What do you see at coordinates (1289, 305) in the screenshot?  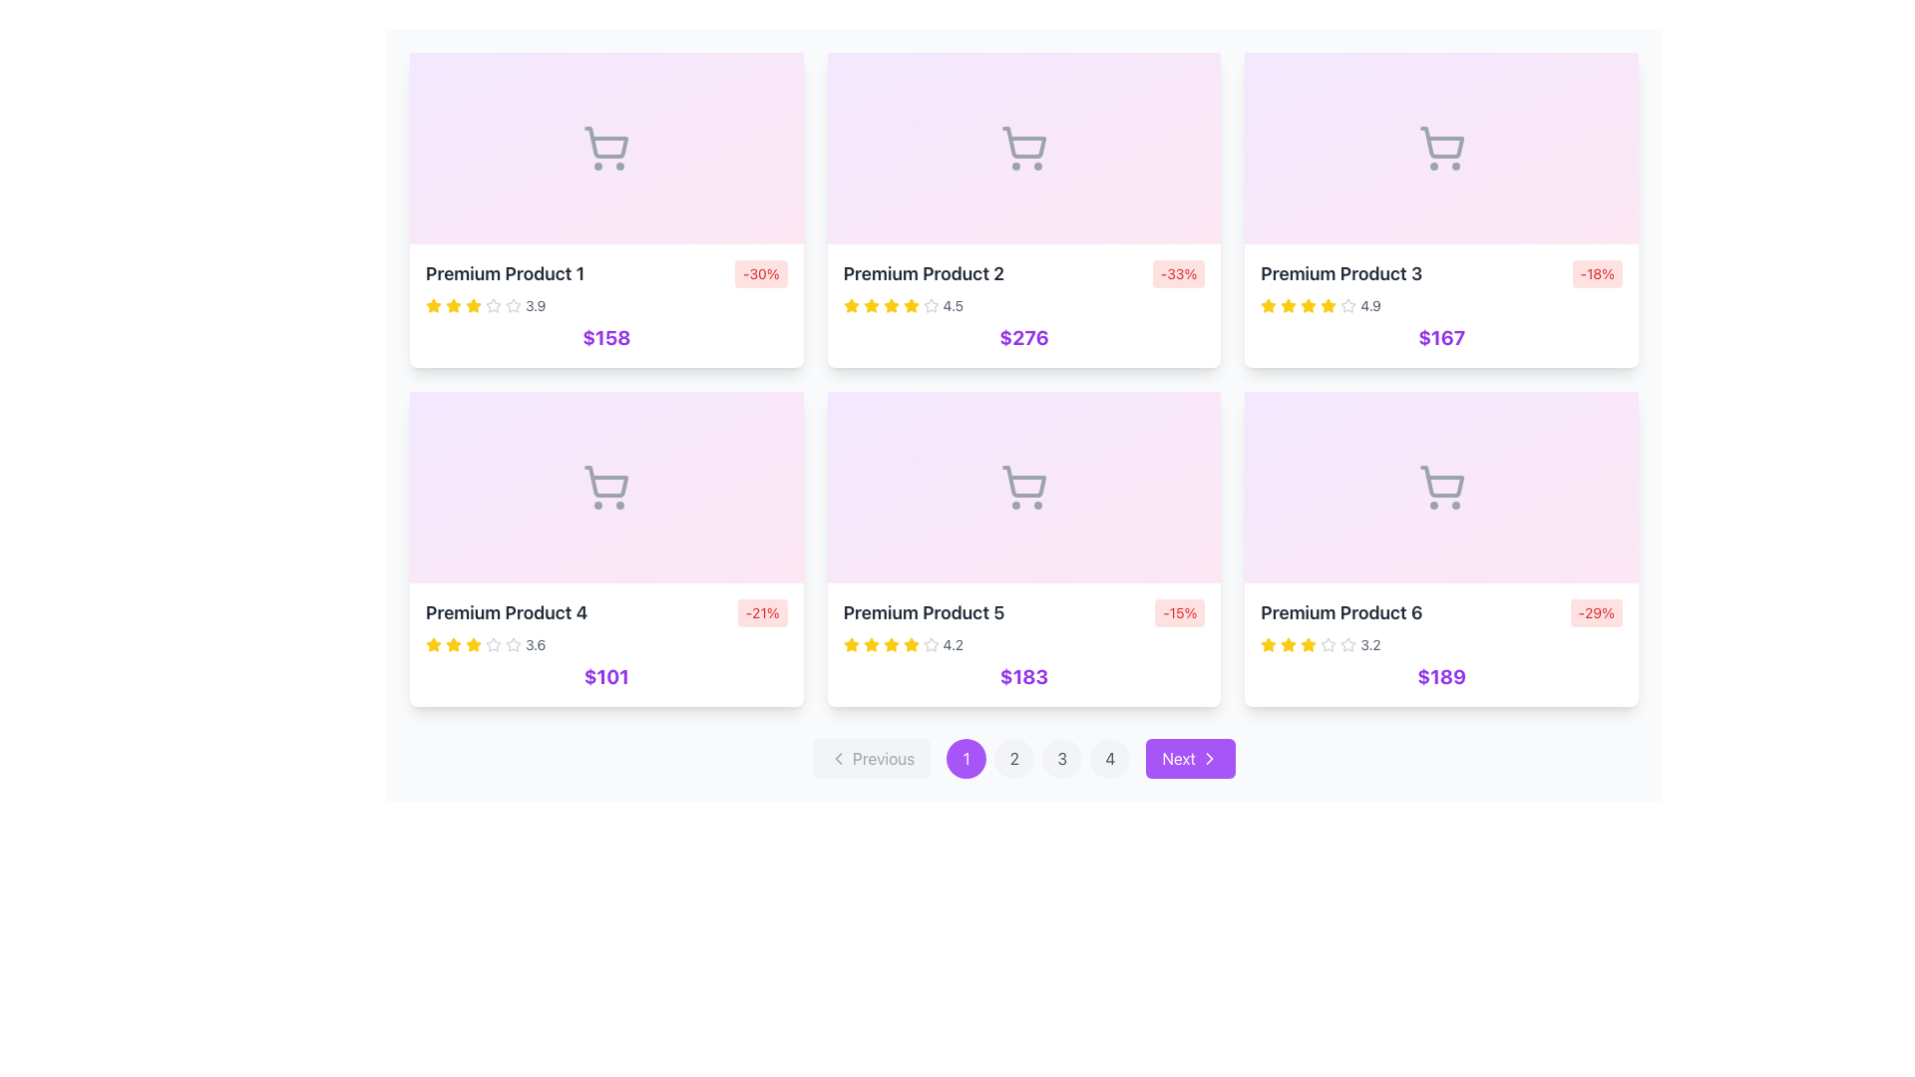 I see `the third star icon in the rating row for 'Premium Product 3' to get details about the rating` at bounding box center [1289, 305].